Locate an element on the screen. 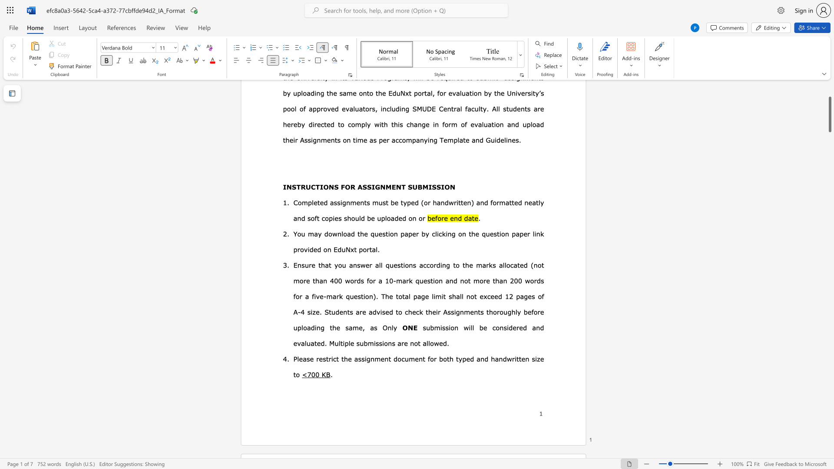 Image resolution: width=834 pixels, height=469 pixels. the scrollbar and move down 3350 pixels is located at coordinates (829, 114).